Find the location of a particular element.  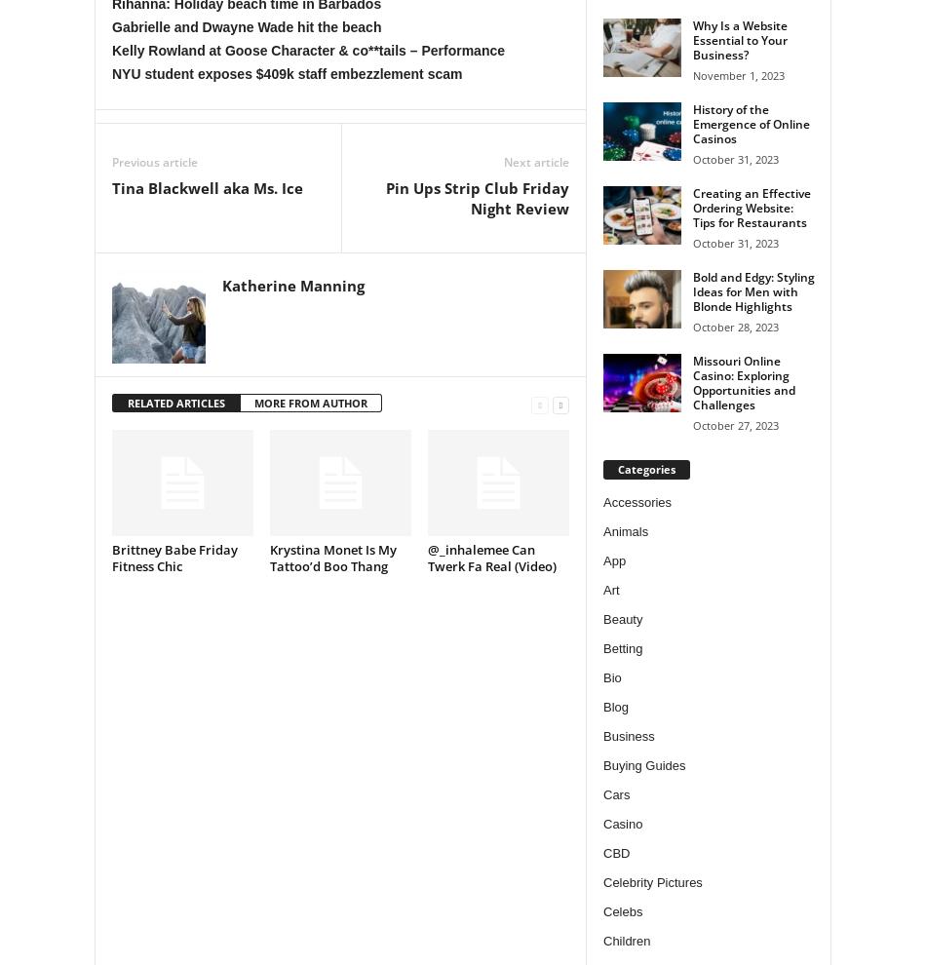

'Brittney Babe Friday Fitness Chic' is located at coordinates (174, 557).